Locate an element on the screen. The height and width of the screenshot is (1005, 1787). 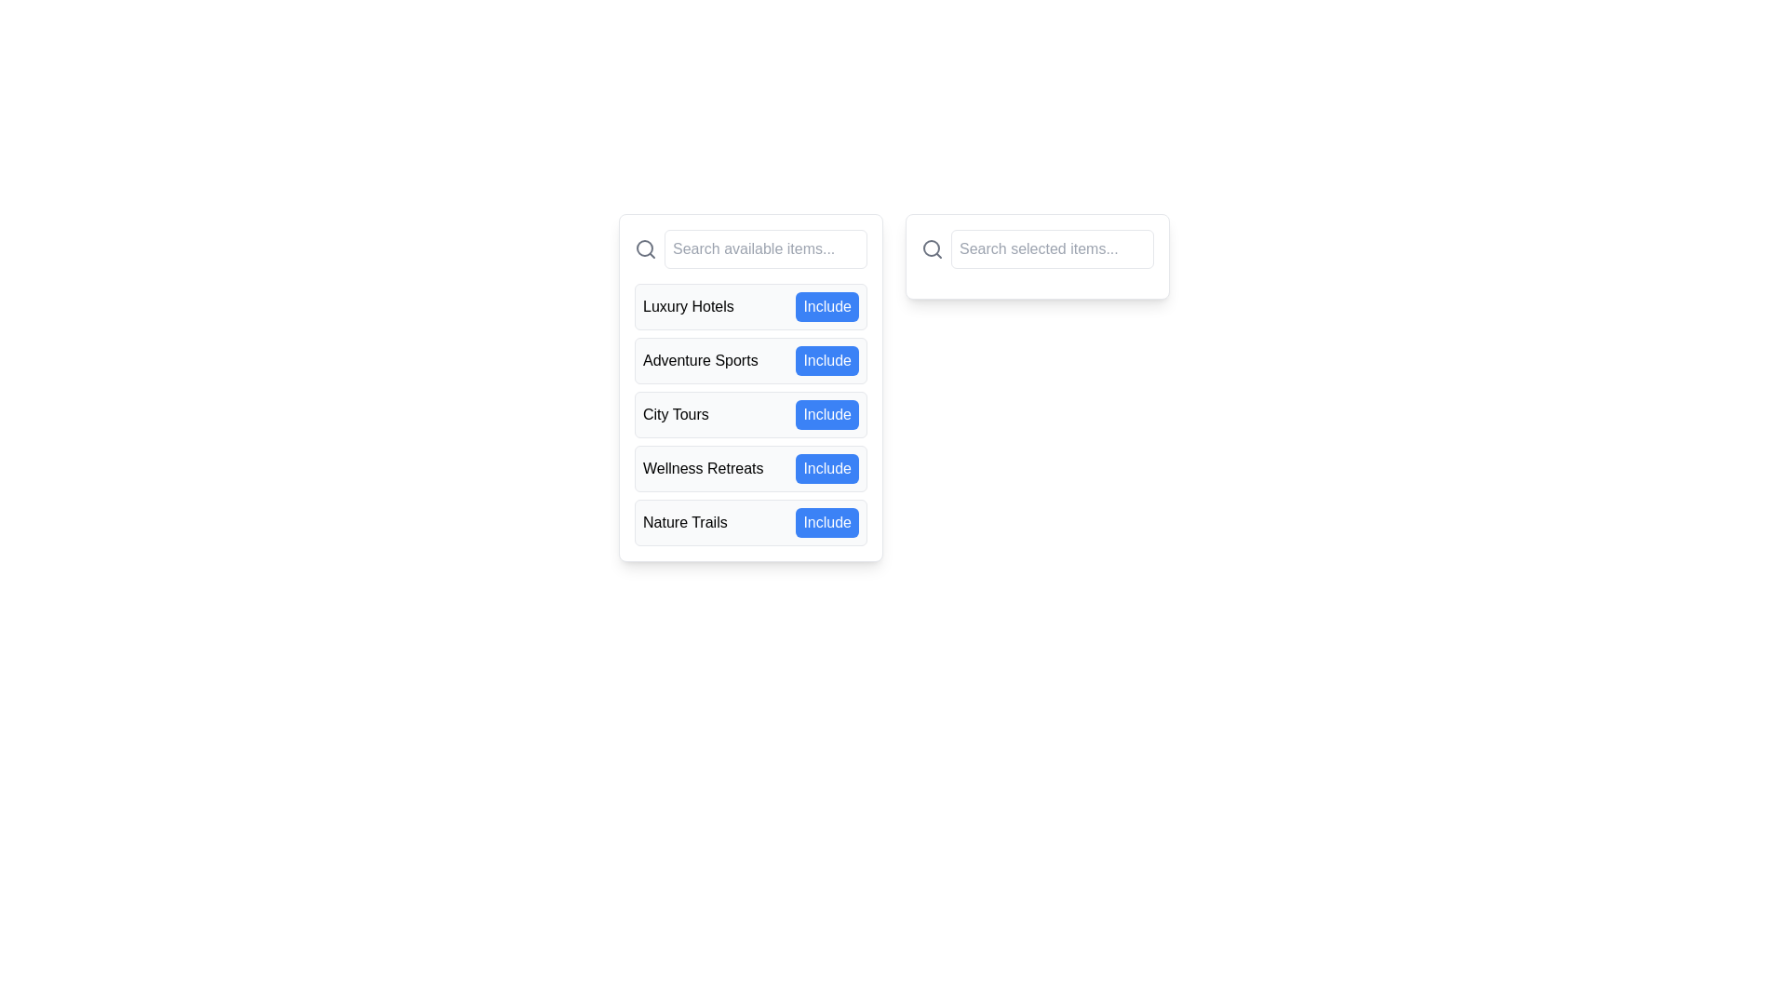
the text label that serves as a descriptor for a selectable category, located in the third position from the top, between 'Adventure Sports' and 'Wellness Retreats' is located at coordinates (675, 414).